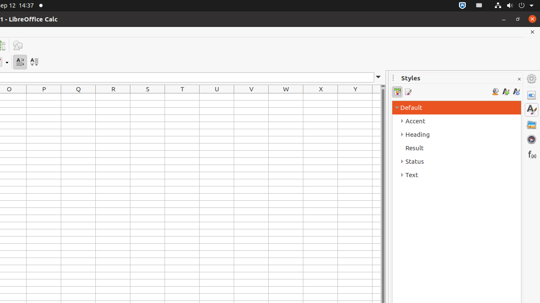 This screenshot has width=540, height=303. I want to click on 'Draw Functions', so click(17, 45).